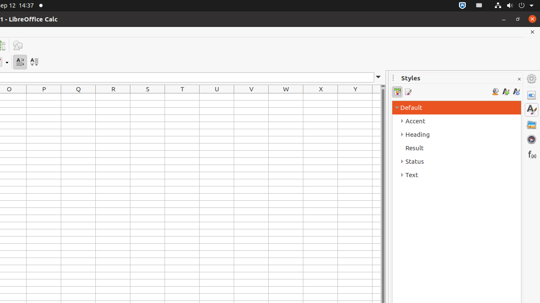 This screenshot has width=540, height=303. I want to click on 'Draw Functions', so click(17, 45).